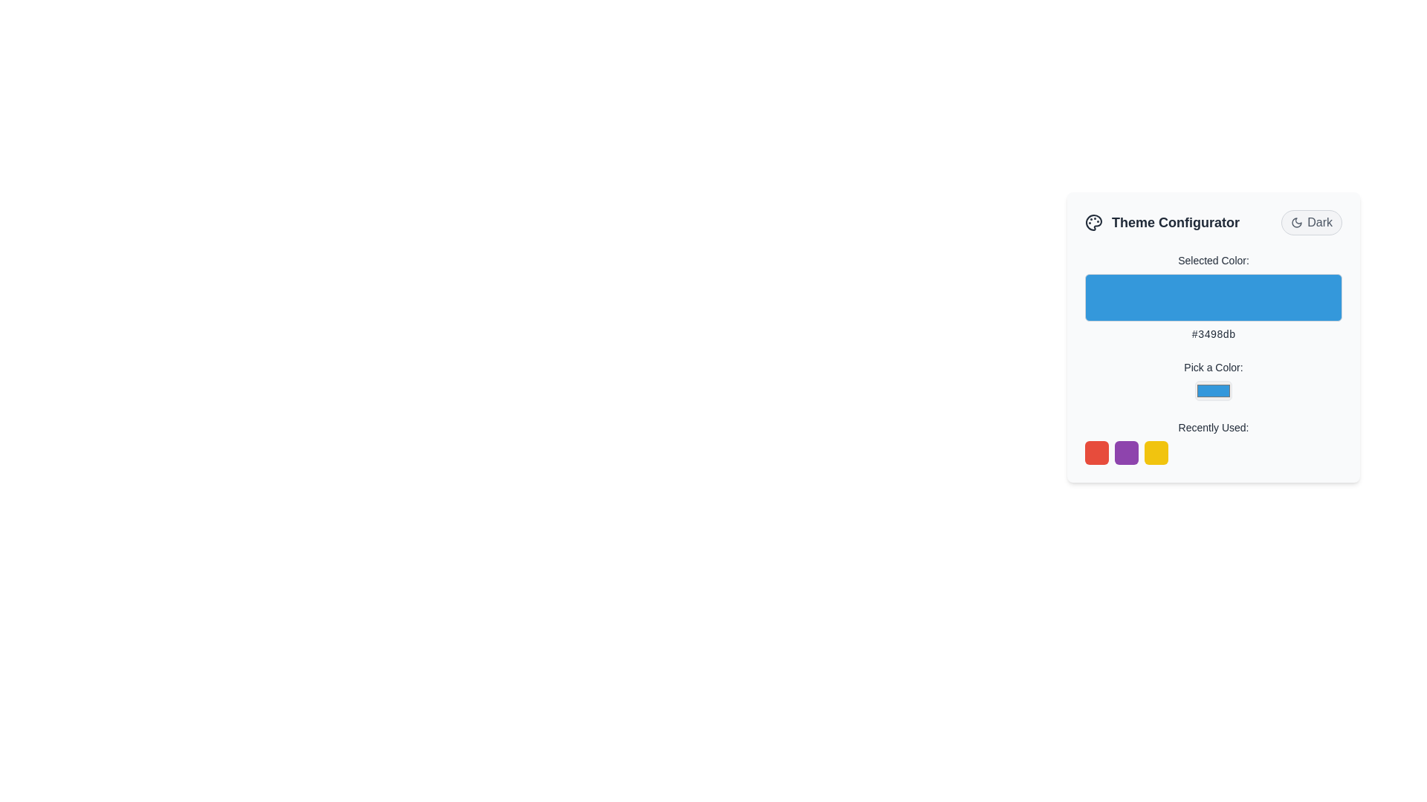 The height and width of the screenshot is (802, 1427). I want to click on the first red square button with rounded borders located at the bottom left of the 'Recently Used' section, so click(1097, 451).